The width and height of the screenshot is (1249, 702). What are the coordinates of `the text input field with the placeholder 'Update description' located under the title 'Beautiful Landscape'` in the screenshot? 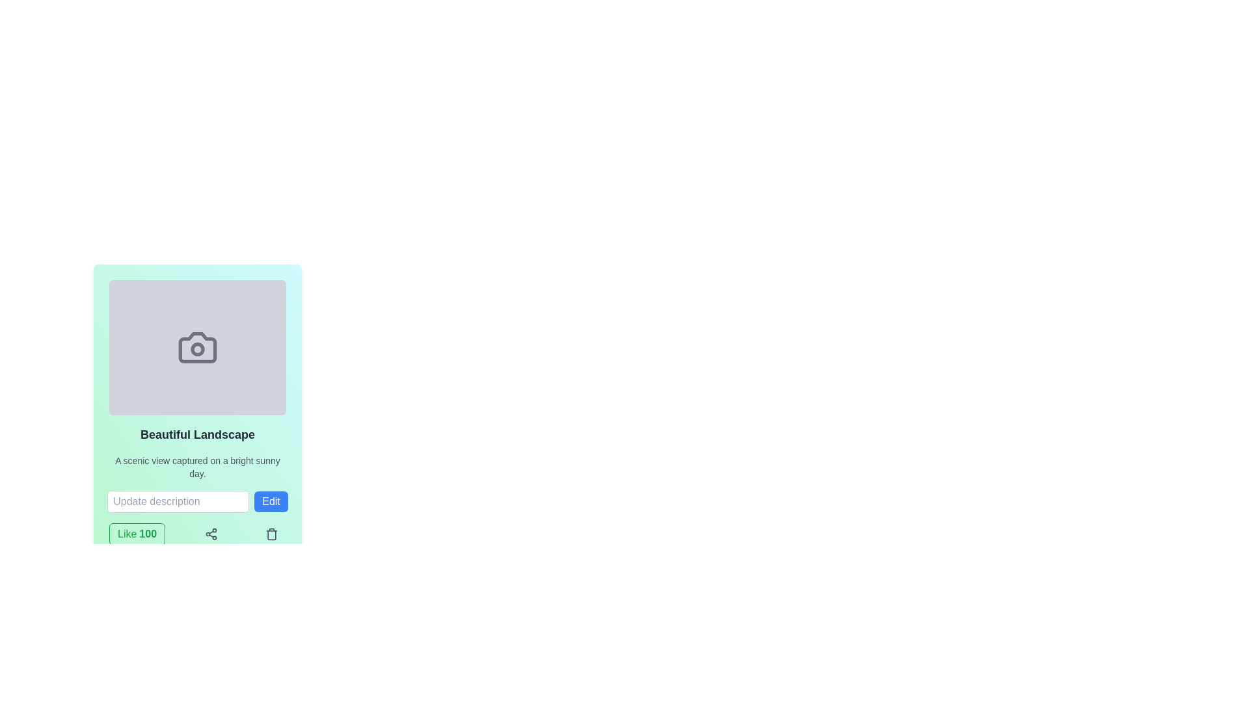 It's located at (196, 500).